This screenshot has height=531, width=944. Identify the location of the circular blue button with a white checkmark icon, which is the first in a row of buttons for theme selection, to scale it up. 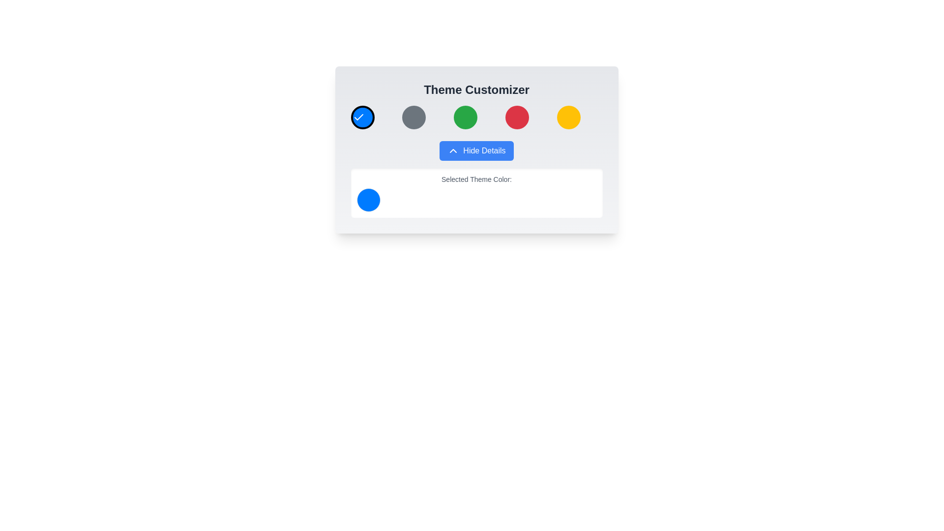
(362, 117).